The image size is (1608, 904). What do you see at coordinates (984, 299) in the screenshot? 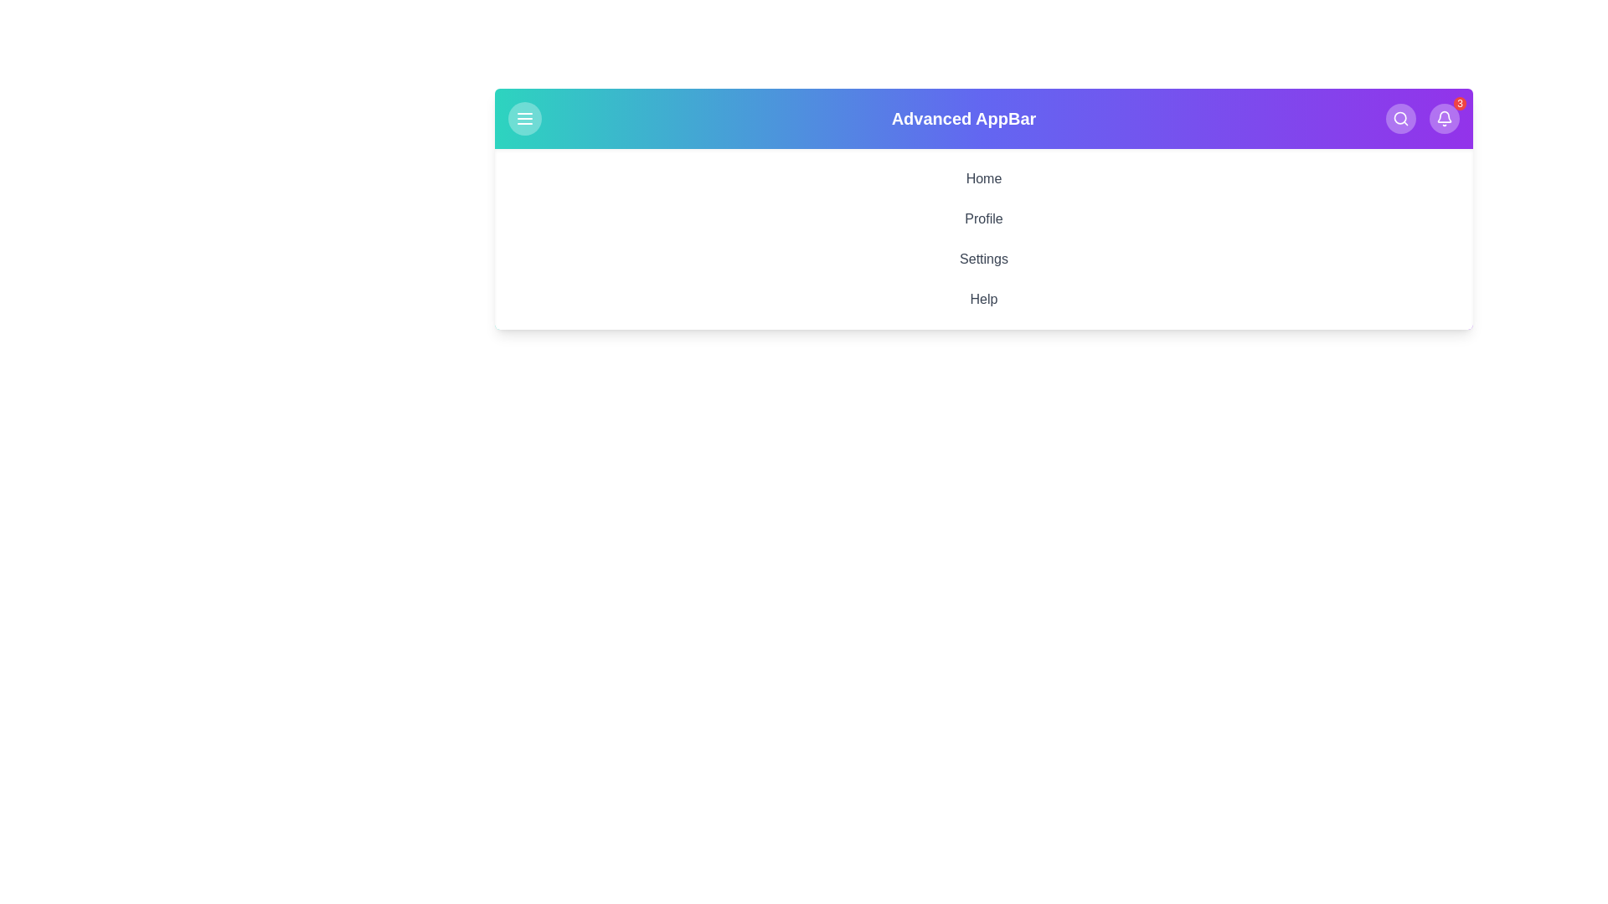
I see `the menu item Help` at bounding box center [984, 299].